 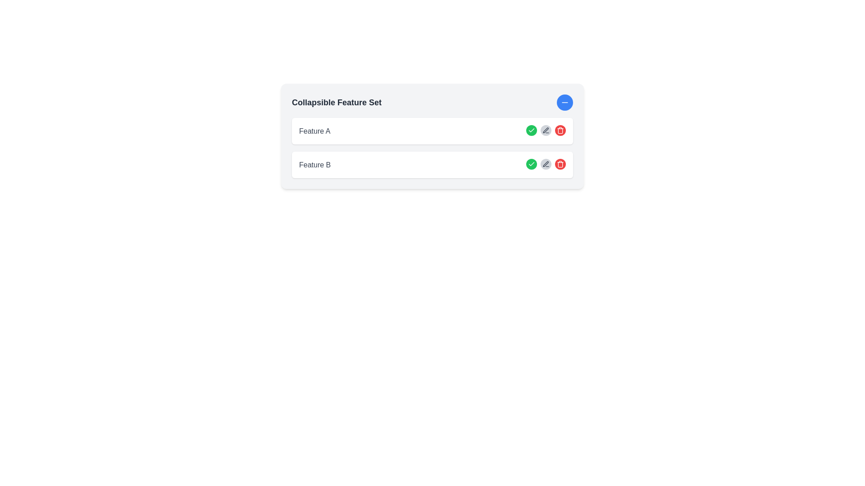 What do you see at coordinates (560, 164) in the screenshot?
I see `the circular red button with a trash bin icon that is located on the right end of the row associated with 'Feature B'` at bounding box center [560, 164].